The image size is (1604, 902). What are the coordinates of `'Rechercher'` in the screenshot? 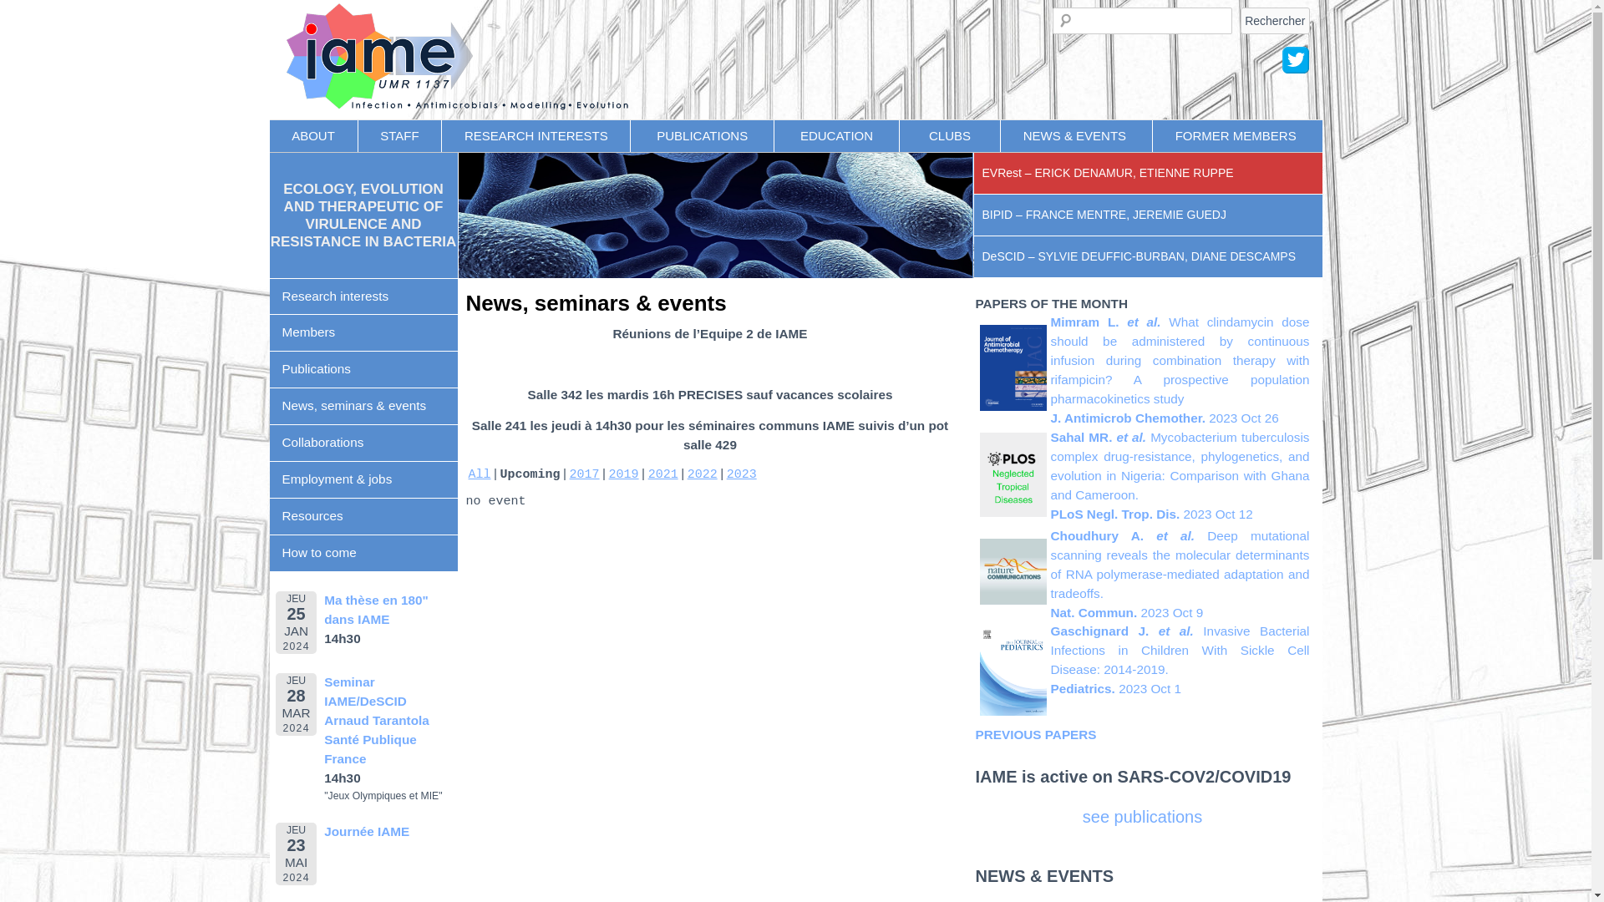 It's located at (1240, 19).